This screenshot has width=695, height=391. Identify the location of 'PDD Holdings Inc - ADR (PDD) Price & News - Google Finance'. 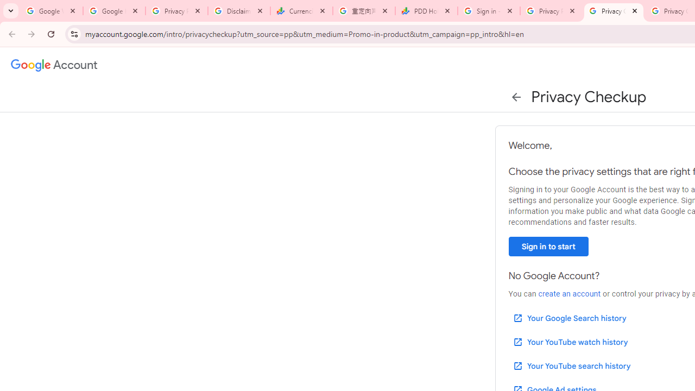
(426, 11).